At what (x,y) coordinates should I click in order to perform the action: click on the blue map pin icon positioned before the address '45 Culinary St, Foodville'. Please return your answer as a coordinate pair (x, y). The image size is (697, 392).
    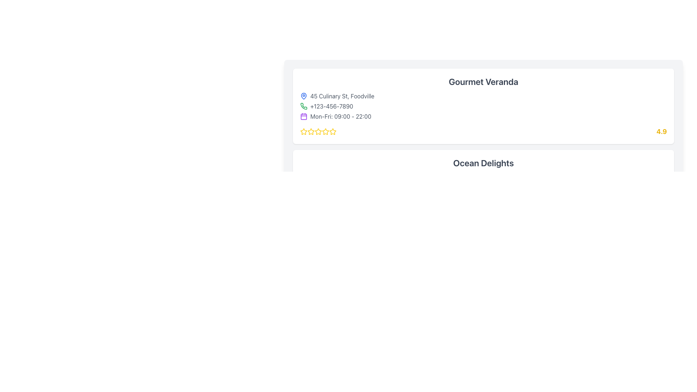
    Looking at the image, I should click on (303, 96).